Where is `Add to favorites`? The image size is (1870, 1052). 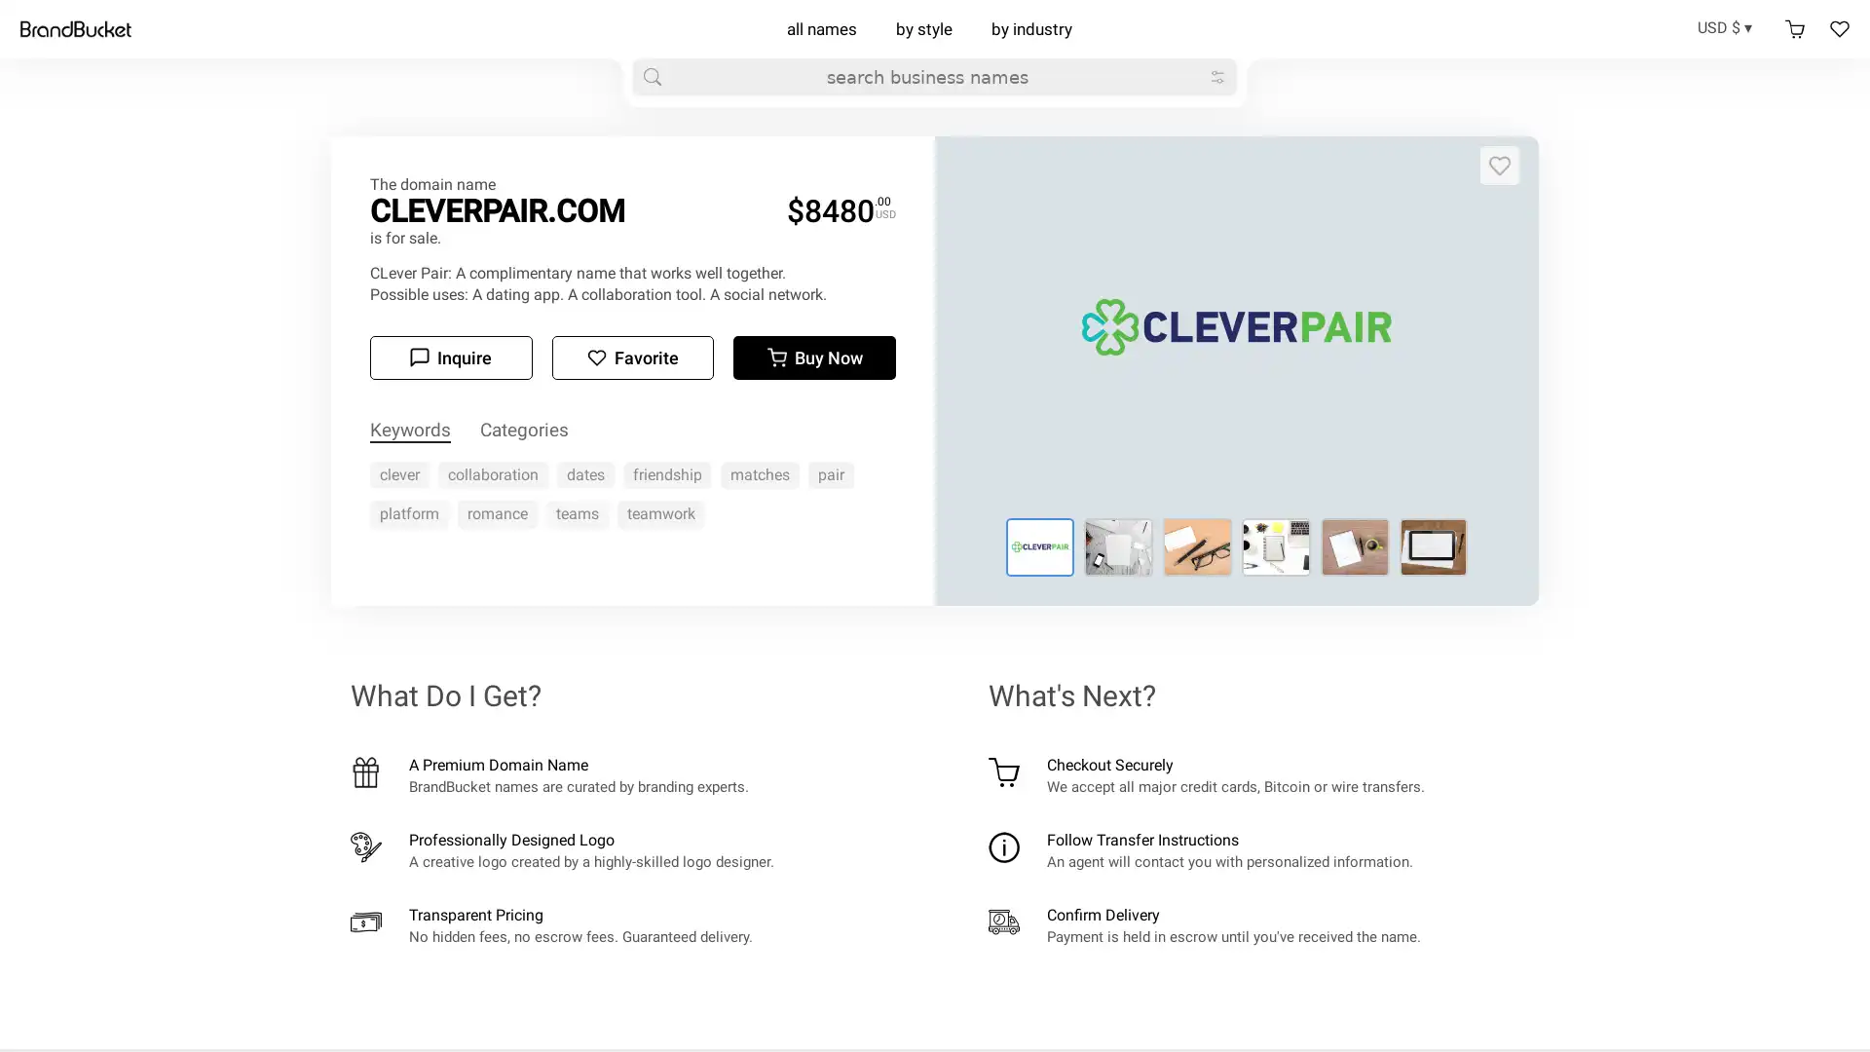 Add to favorites is located at coordinates (1499, 164).